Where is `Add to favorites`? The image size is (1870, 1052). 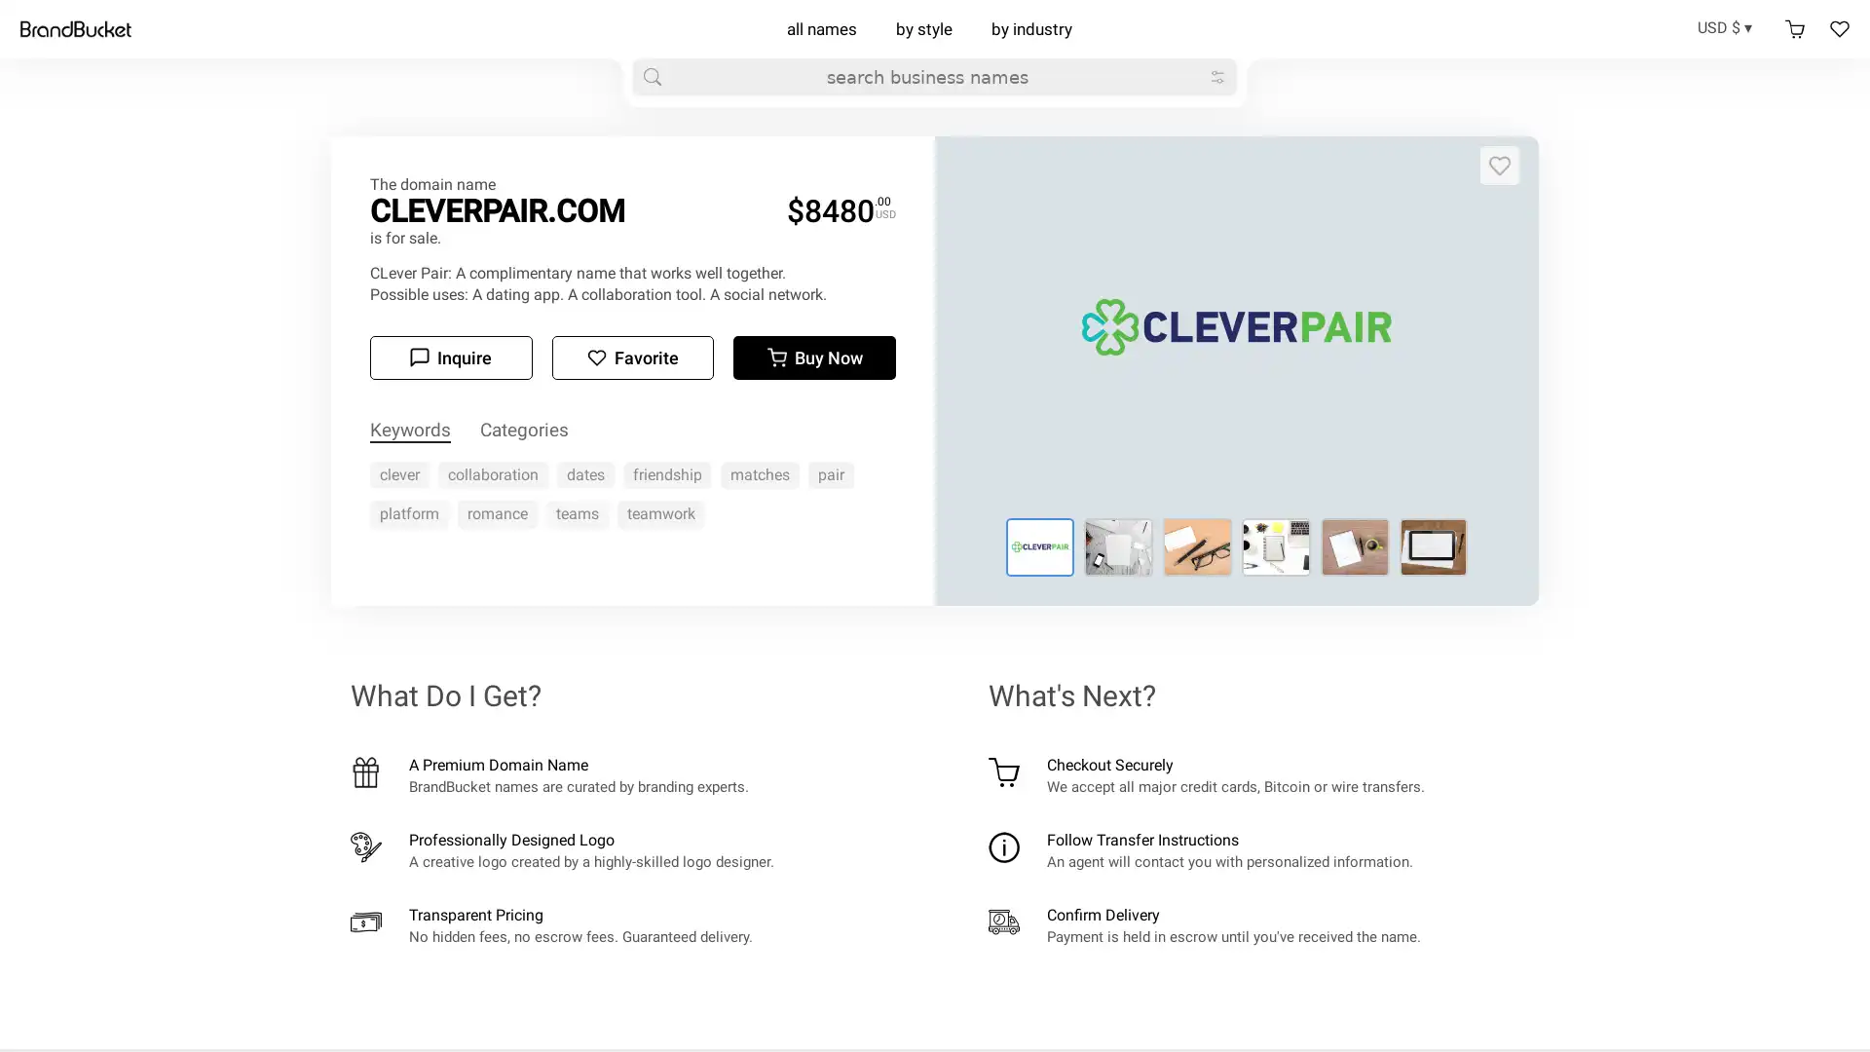 Add to favorites is located at coordinates (1499, 164).